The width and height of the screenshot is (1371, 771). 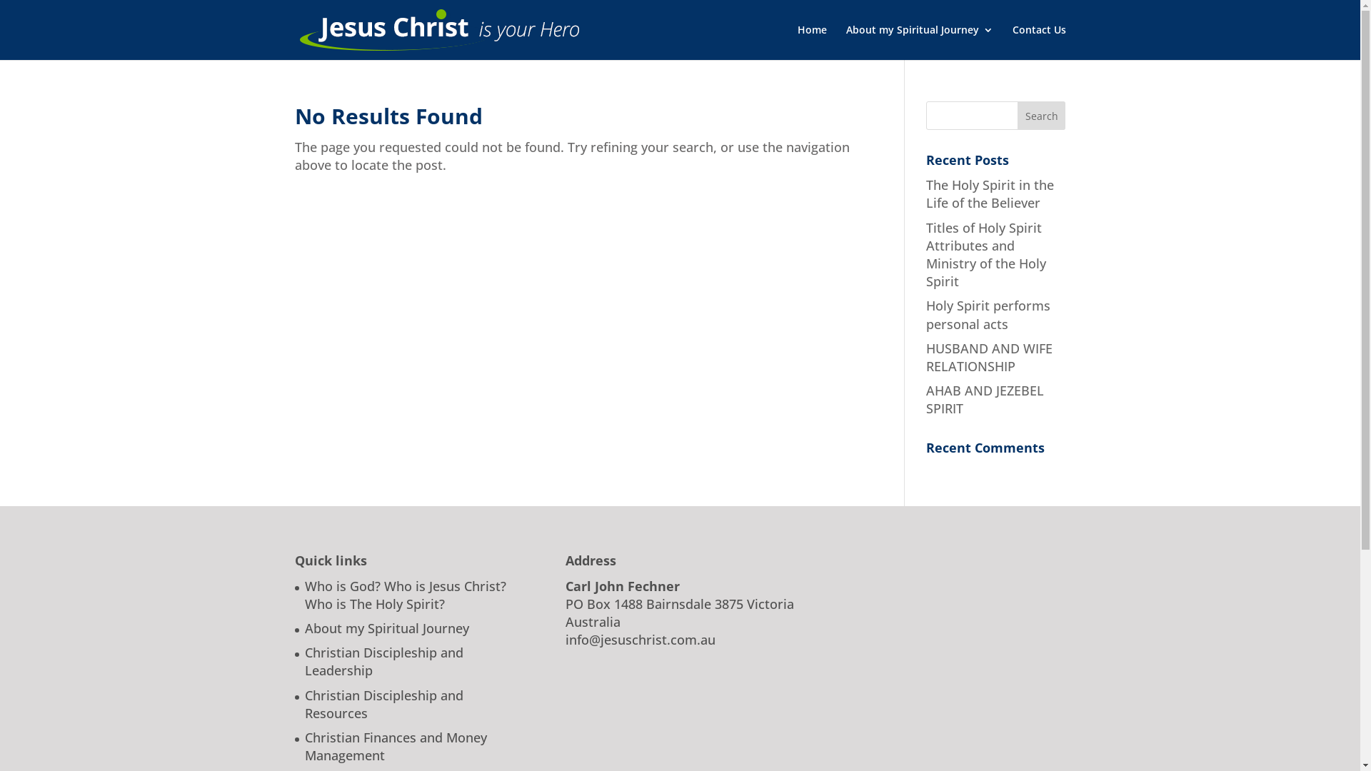 I want to click on 'Christian Finances and Money Management', so click(x=395, y=745).